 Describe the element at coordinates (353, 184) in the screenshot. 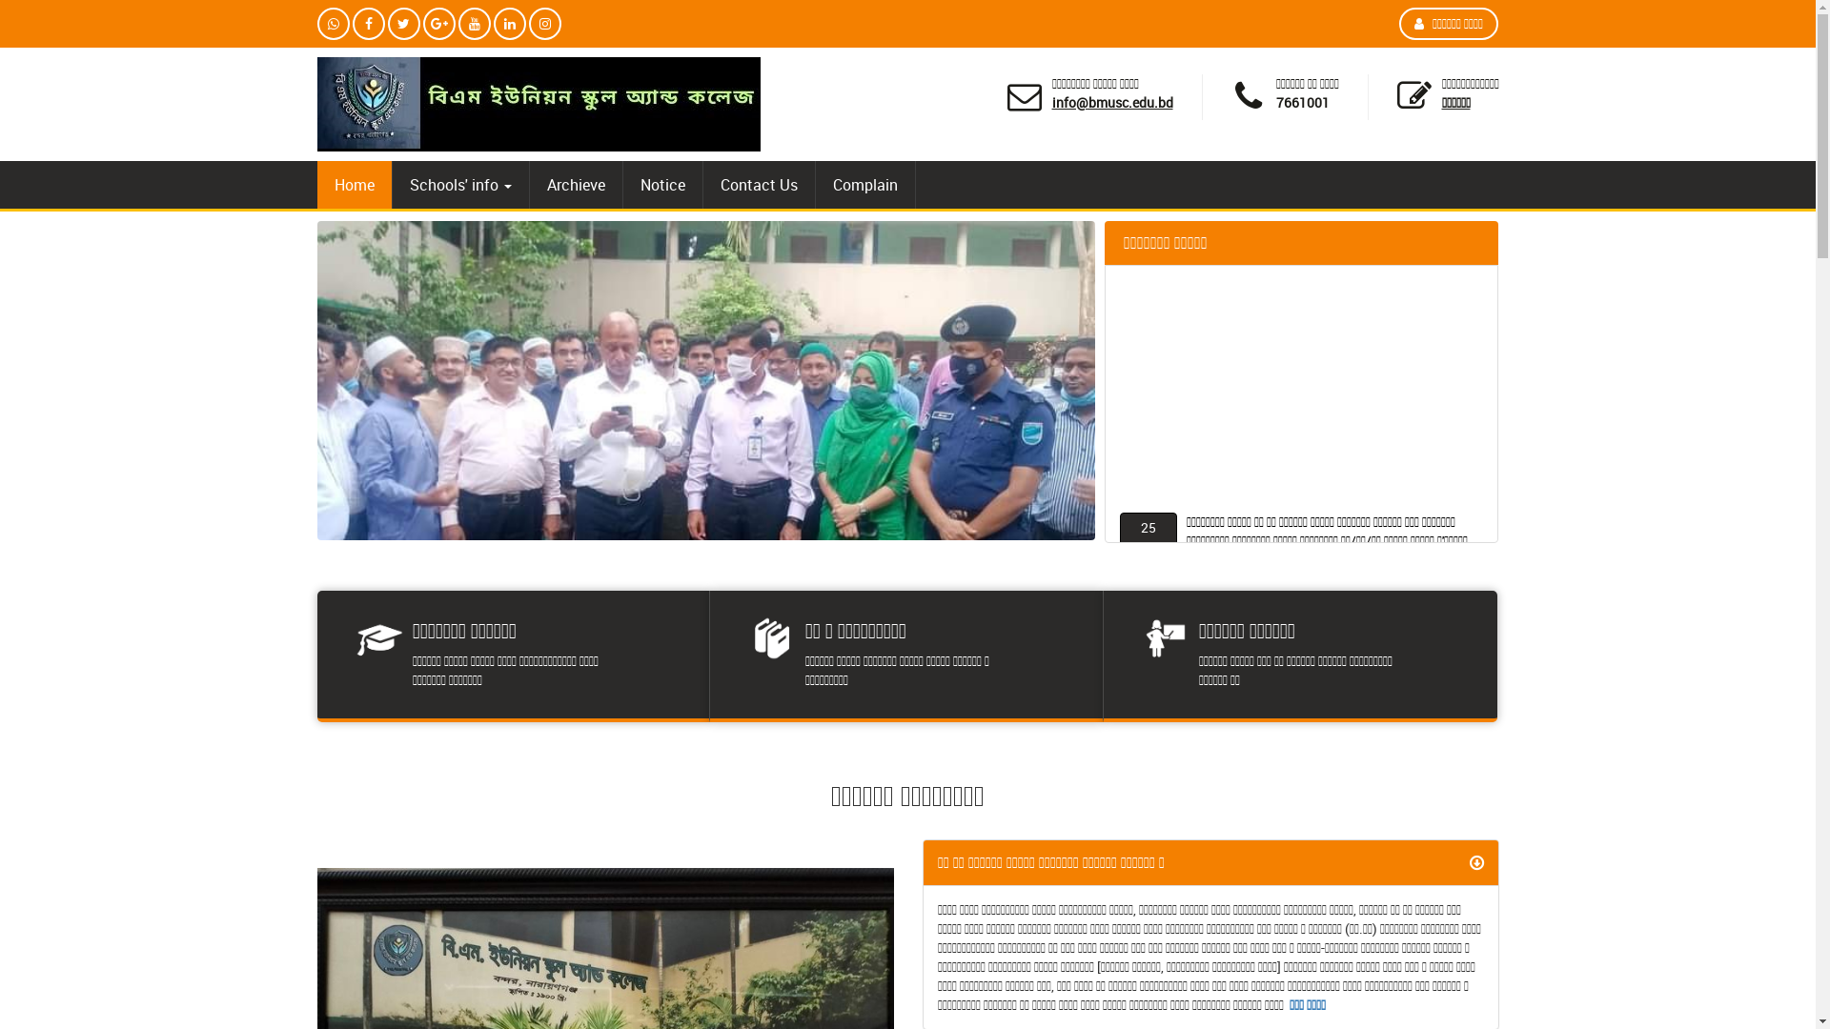

I see `'Home'` at that location.